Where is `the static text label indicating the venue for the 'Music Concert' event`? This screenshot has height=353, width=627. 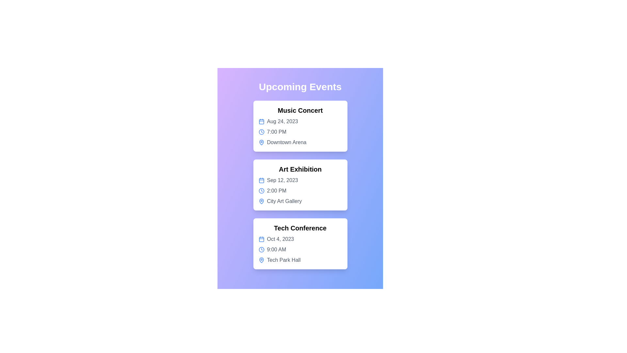 the static text label indicating the venue for the 'Music Concert' event is located at coordinates (300, 142).